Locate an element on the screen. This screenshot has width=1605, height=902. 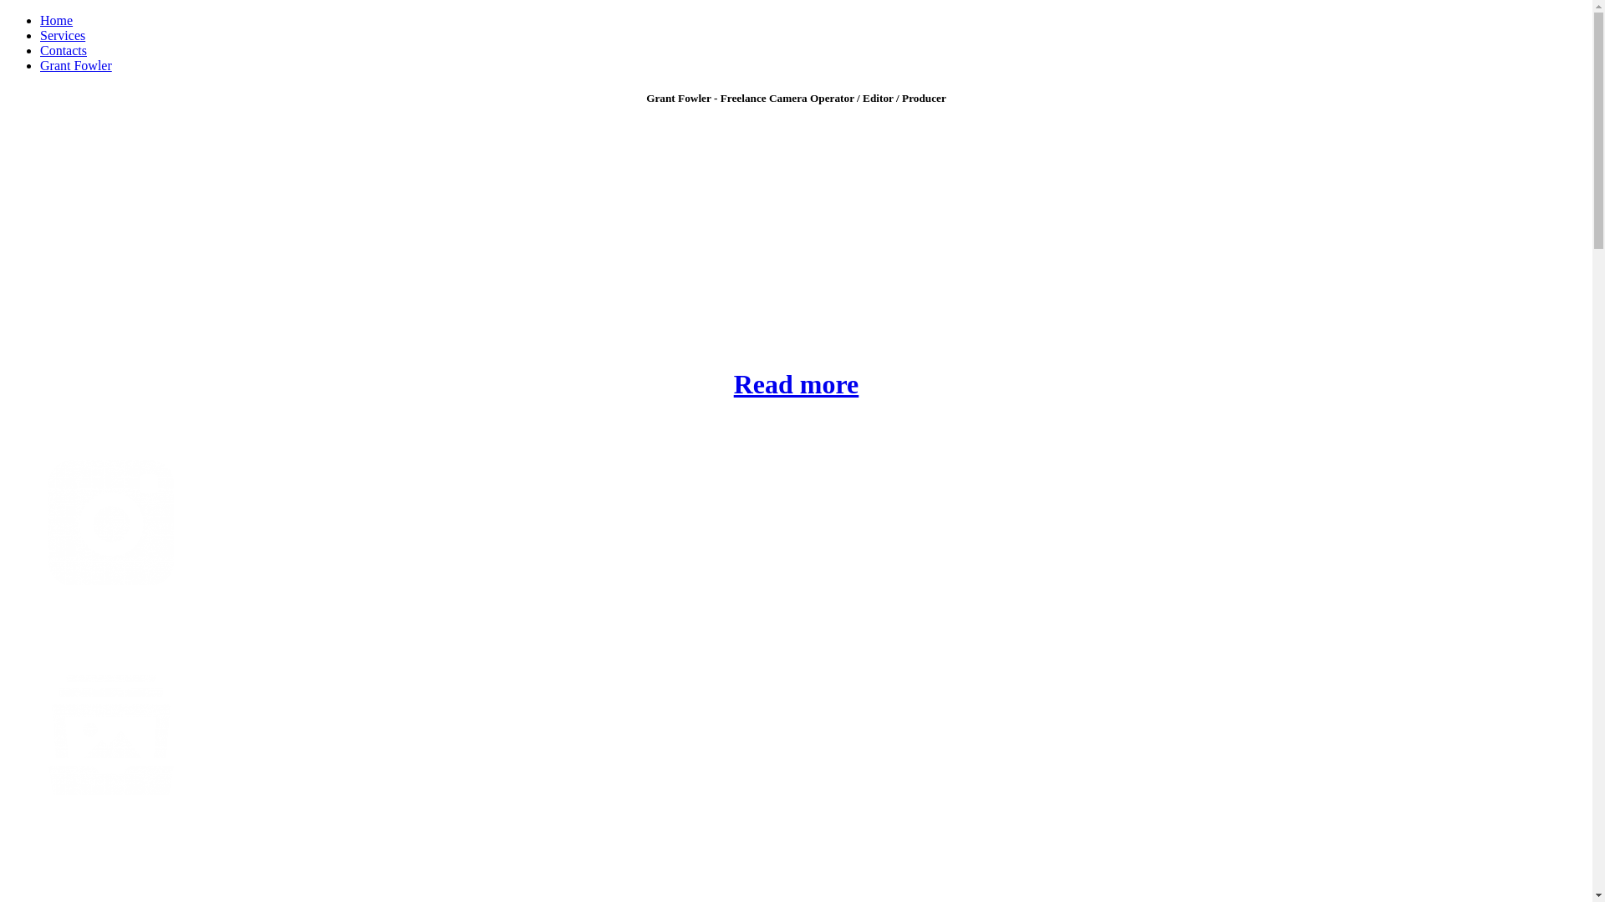
'Services' is located at coordinates (63, 35).